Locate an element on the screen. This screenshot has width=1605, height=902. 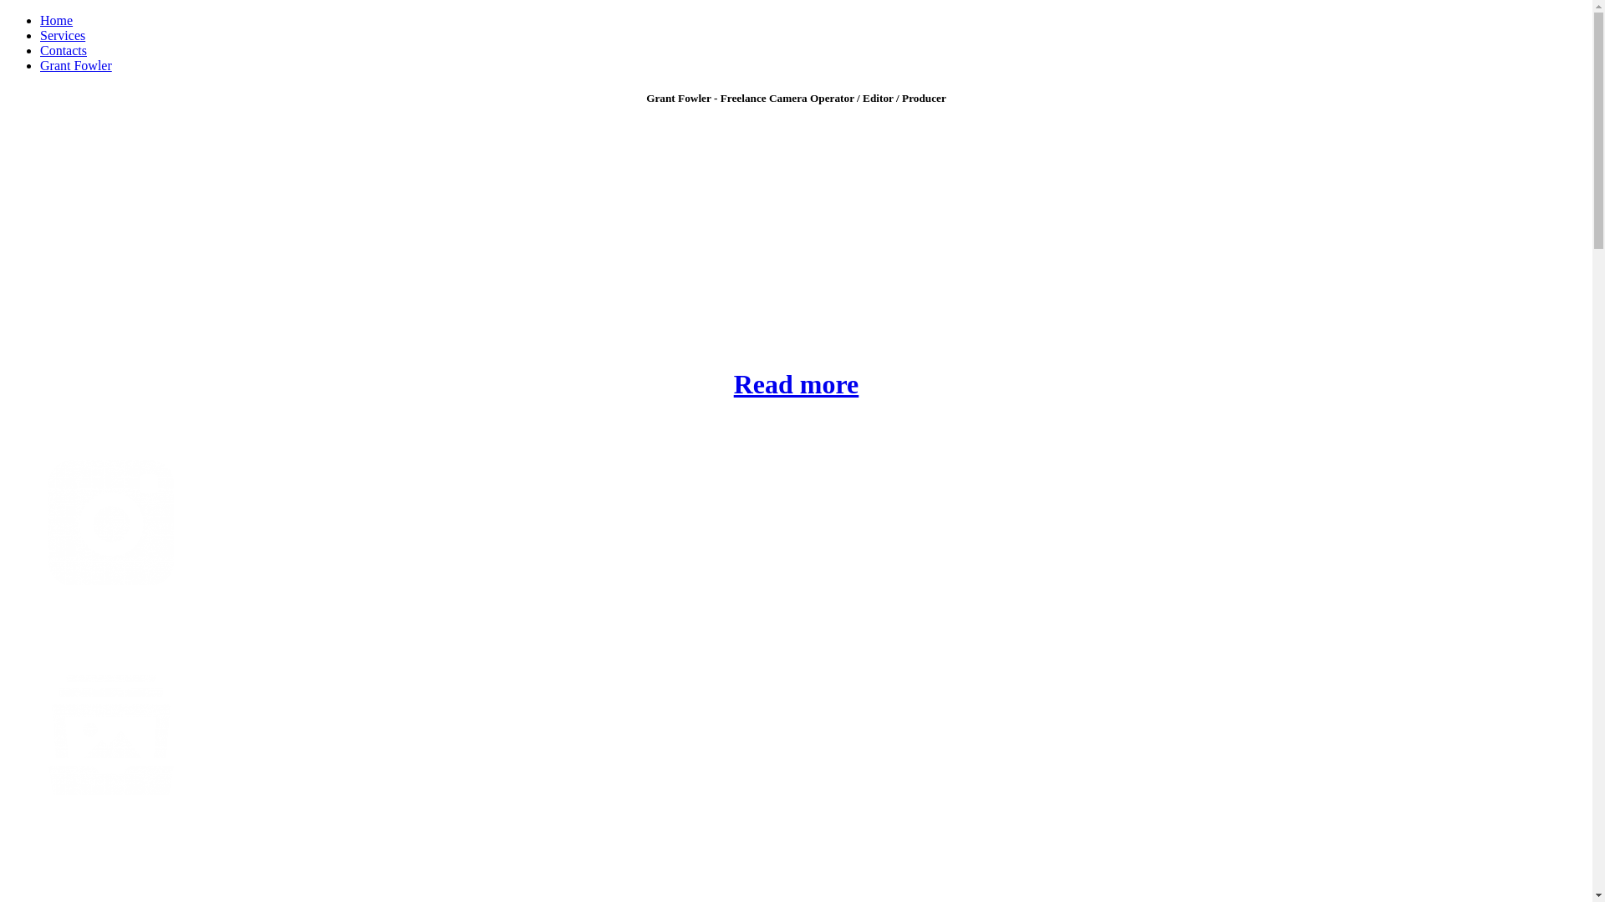
'Services' is located at coordinates (63, 35).